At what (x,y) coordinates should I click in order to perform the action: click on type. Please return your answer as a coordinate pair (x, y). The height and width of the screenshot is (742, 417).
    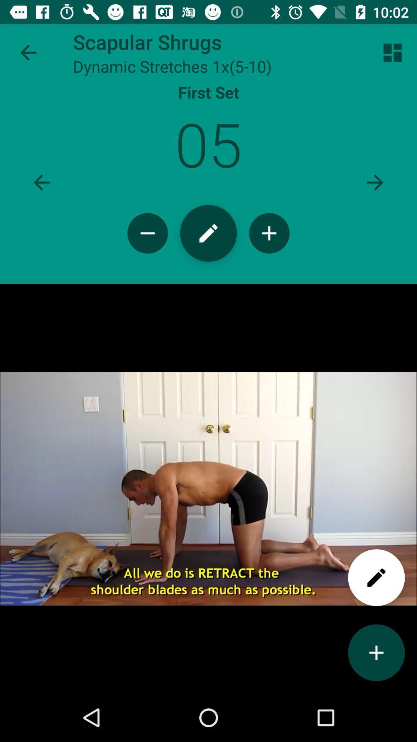
    Looking at the image, I should click on (208, 233).